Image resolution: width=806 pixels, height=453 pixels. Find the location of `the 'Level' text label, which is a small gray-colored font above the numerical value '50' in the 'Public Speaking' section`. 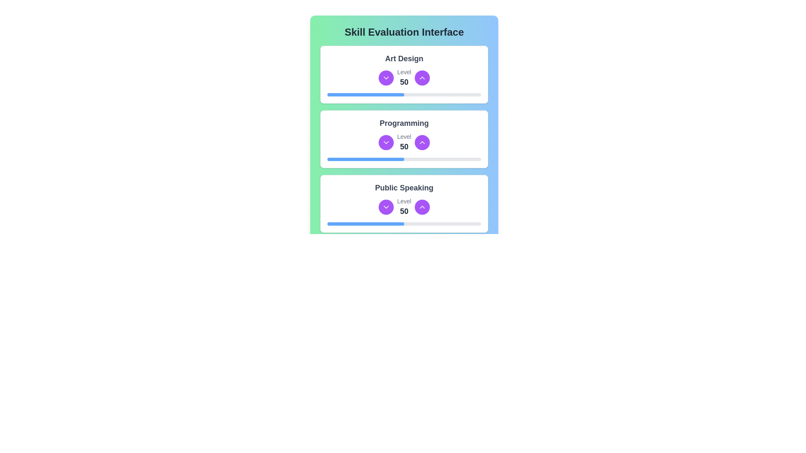

the 'Level' text label, which is a small gray-colored font above the numerical value '50' in the 'Public Speaking' section is located at coordinates (404, 201).